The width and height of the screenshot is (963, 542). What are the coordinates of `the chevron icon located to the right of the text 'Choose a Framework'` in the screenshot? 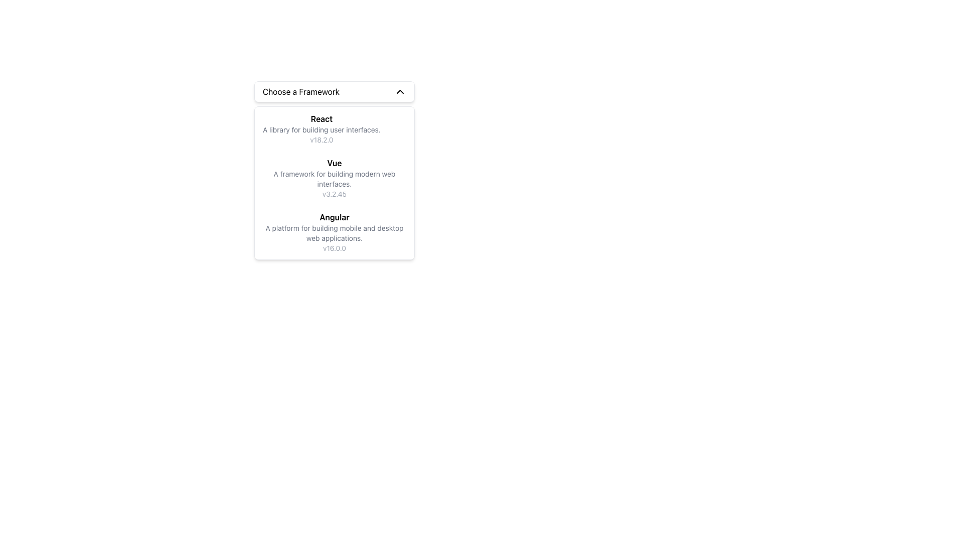 It's located at (399, 91).